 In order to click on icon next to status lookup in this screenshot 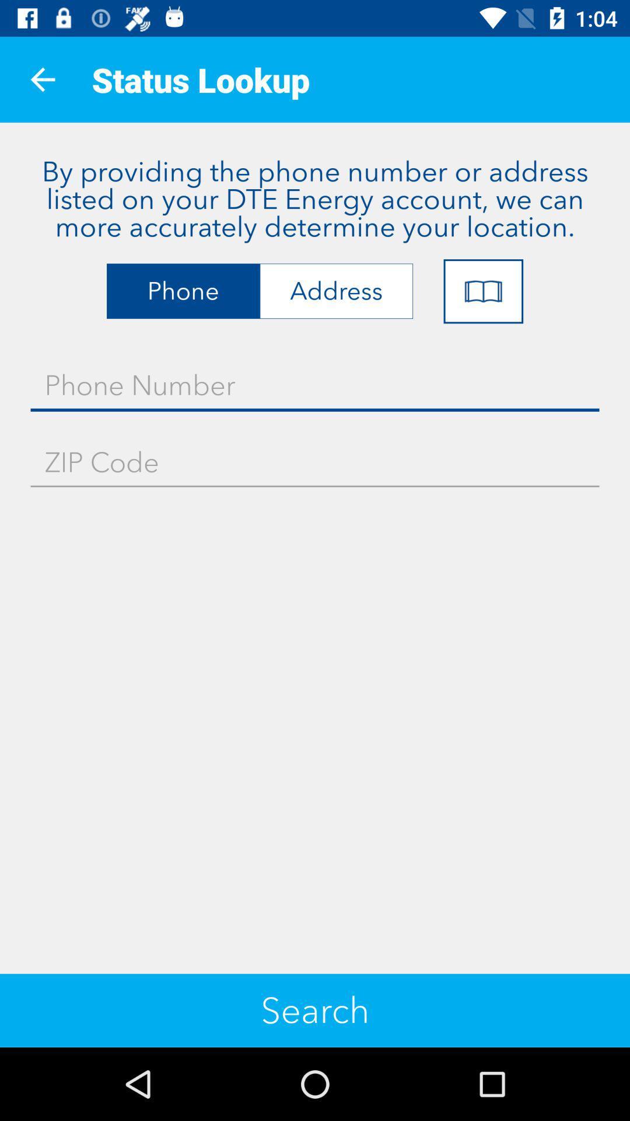, I will do `click(42, 79)`.